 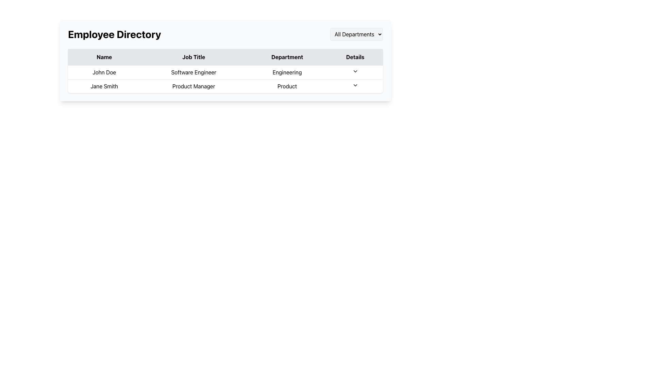 I want to click on the Dropdown Indicator icon in the 'Details' column of the first row in the 'Employee Directory' table, so click(x=355, y=72).